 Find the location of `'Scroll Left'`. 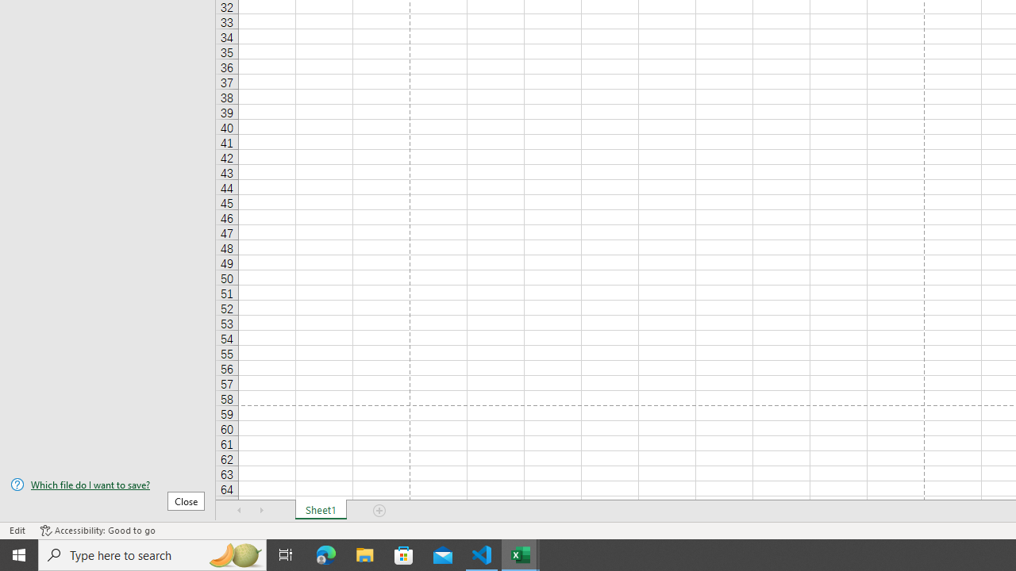

'Scroll Left' is located at coordinates (239, 511).